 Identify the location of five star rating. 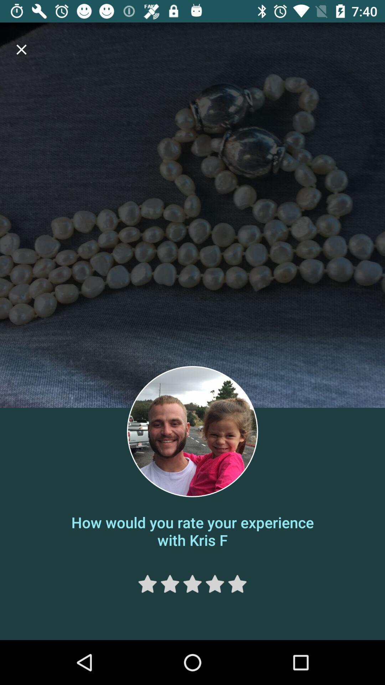
(237, 584).